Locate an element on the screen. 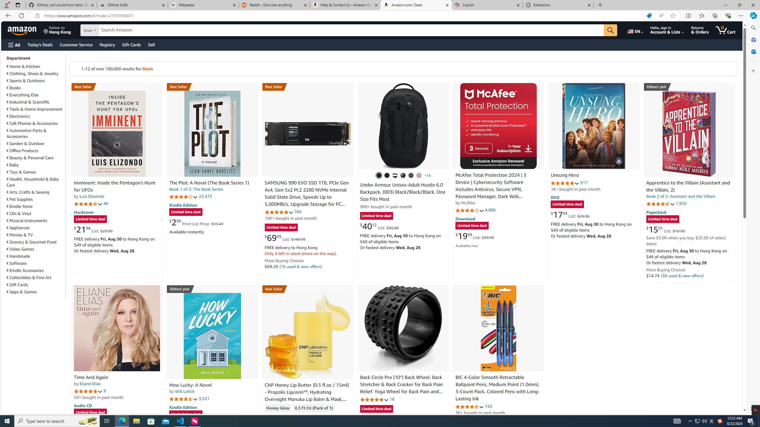  'Garden & Outdoor' is located at coordinates (35, 143).